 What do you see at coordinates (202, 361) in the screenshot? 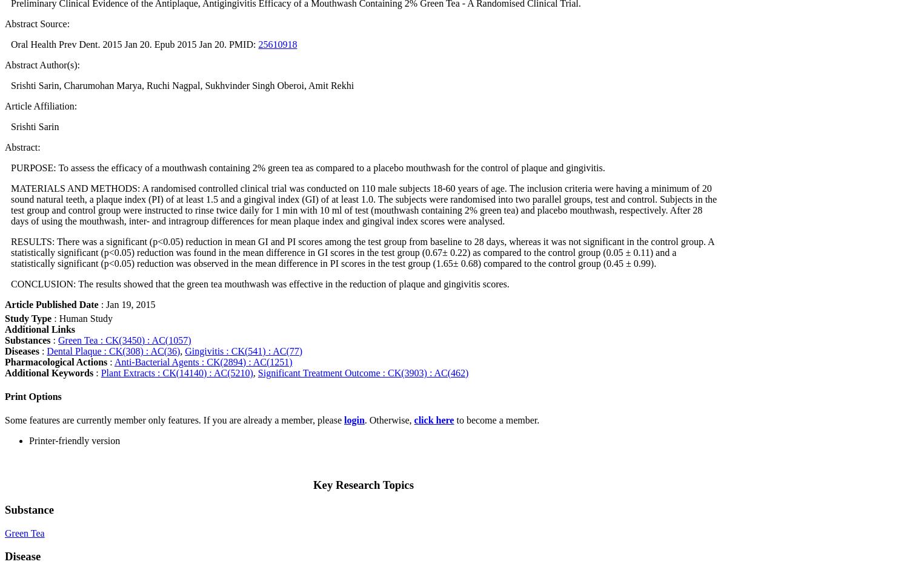
I see `'Anti-Bacterial Agents : CK(2894) : AC(1251)'` at bounding box center [202, 361].